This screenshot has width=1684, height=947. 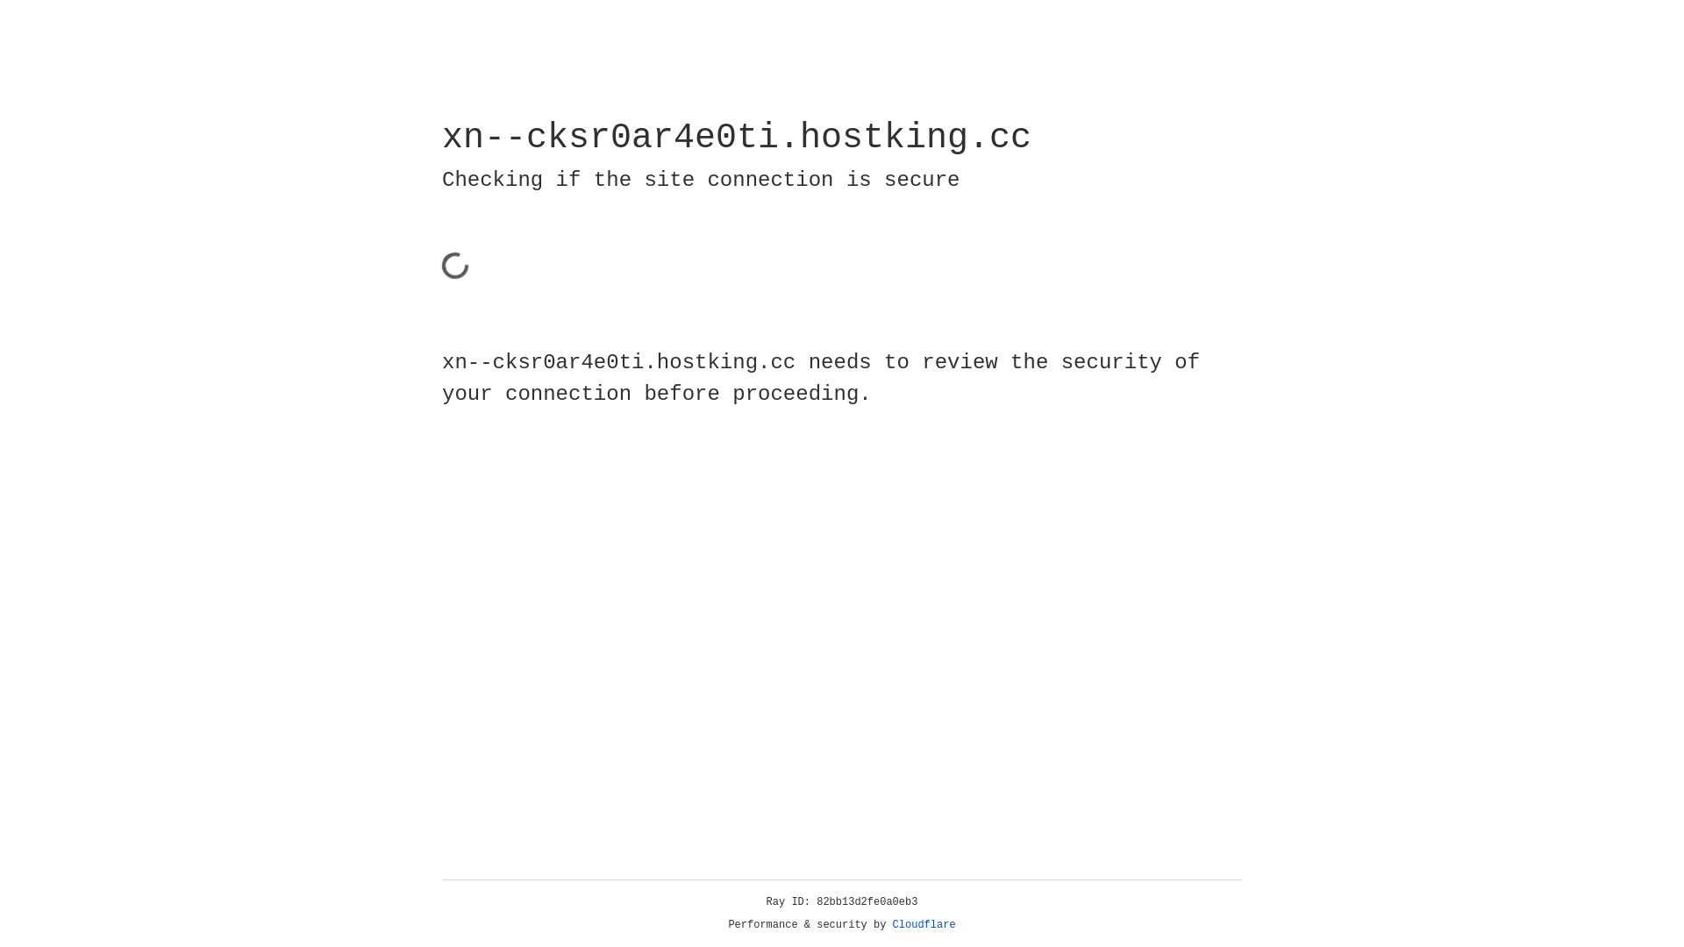 I want to click on 'Cloudflare', so click(x=924, y=924).